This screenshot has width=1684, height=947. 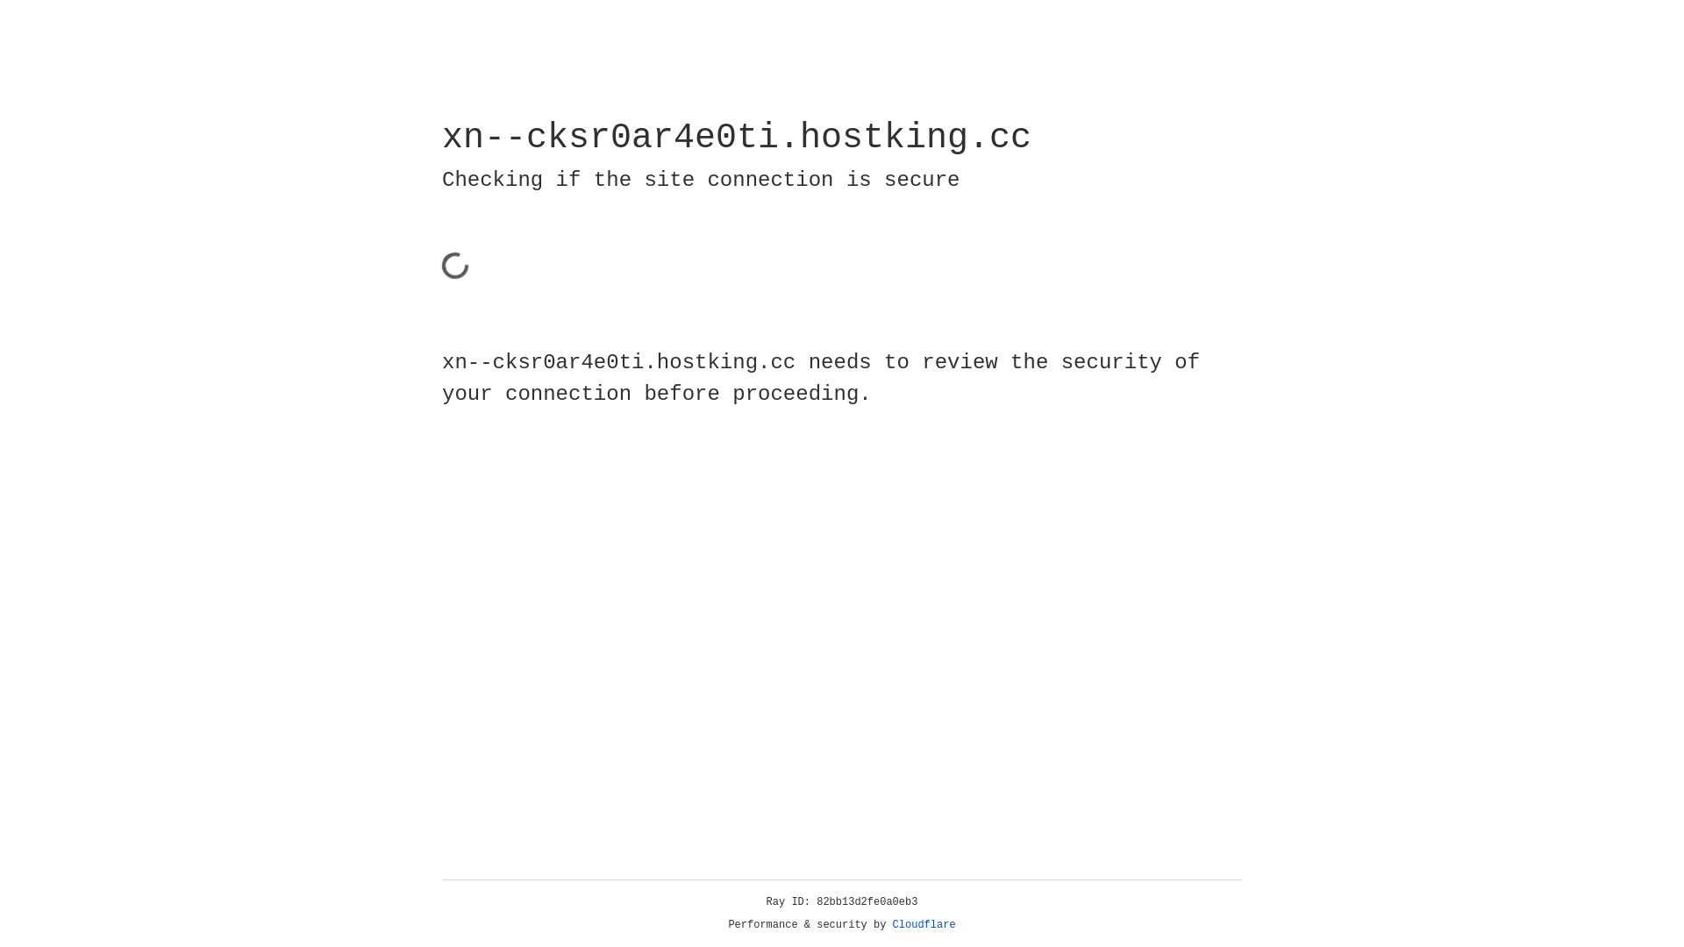 I want to click on 'Cloudflare', so click(x=924, y=924).